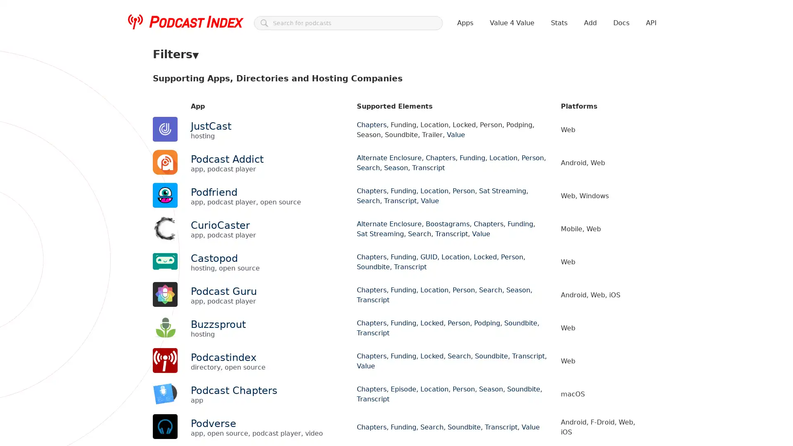 The width and height of the screenshot is (793, 446). I want to click on App, so click(255, 169).